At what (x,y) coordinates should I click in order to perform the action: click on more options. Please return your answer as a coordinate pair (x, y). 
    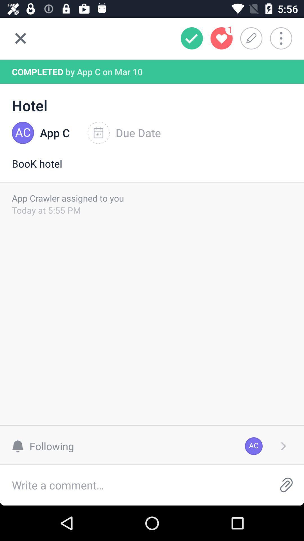
    Looking at the image, I should click on (285, 38).